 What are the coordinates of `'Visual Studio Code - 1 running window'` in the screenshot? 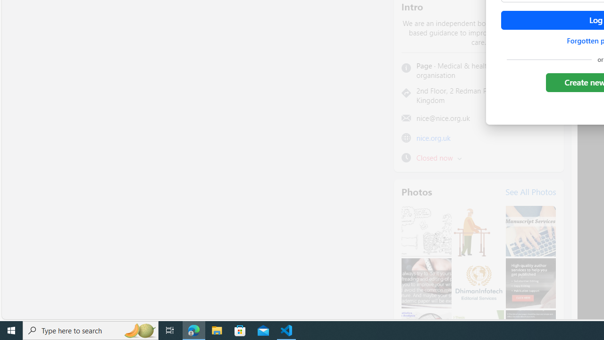 It's located at (286, 330).